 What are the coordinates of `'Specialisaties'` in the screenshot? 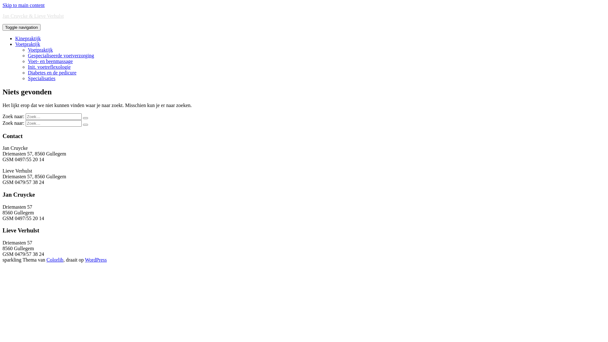 It's located at (41, 78).